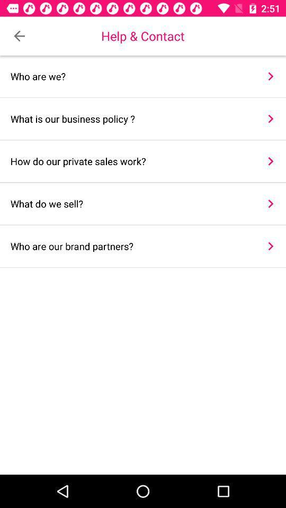 This screenshot has height=508, width=286. I want to click on the icon at the top left corner, so click(19, 36).